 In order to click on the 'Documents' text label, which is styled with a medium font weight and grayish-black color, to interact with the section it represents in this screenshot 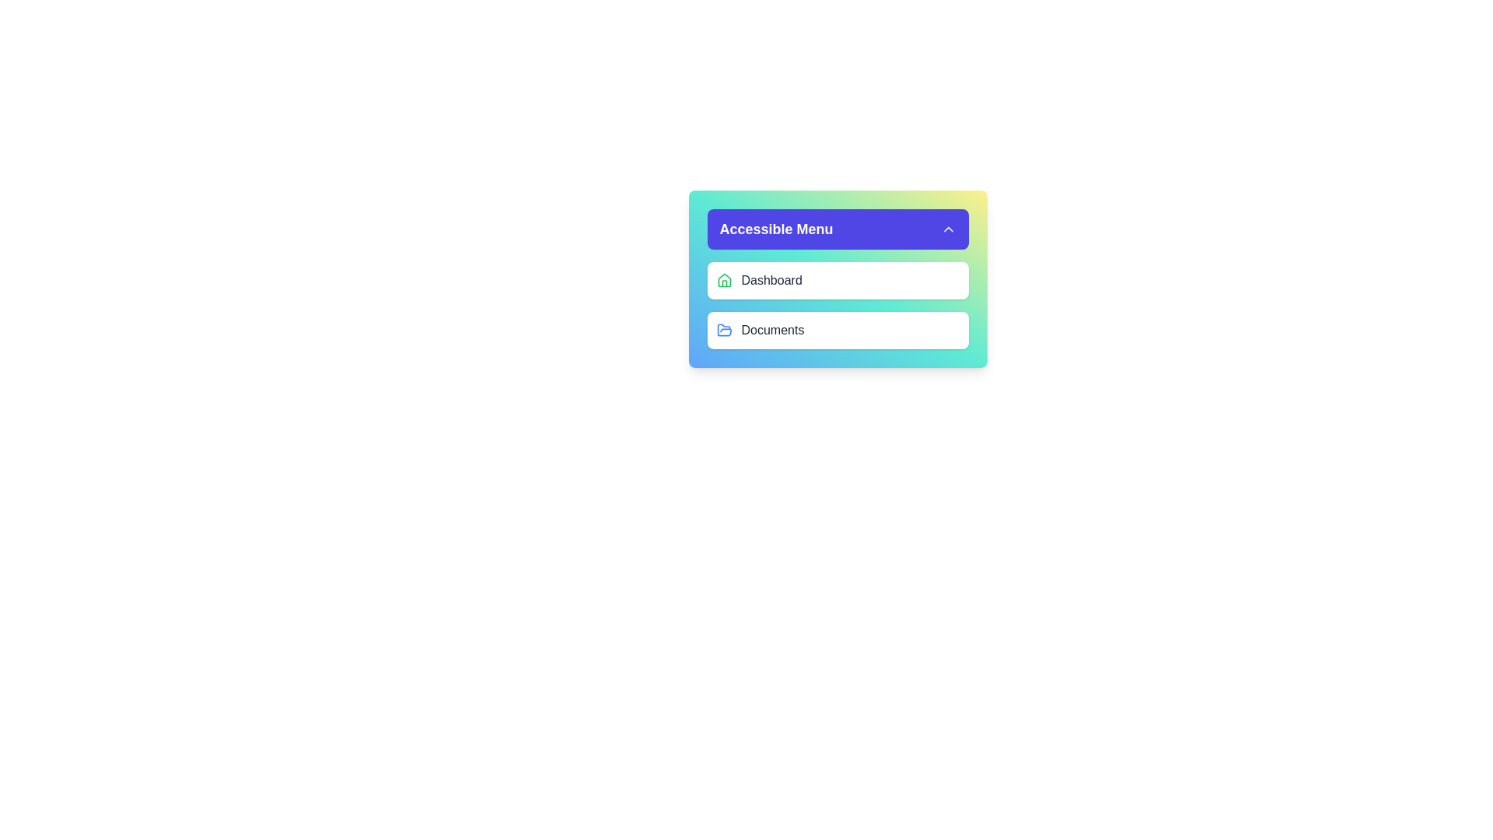, I will do `click(772, 329)`.